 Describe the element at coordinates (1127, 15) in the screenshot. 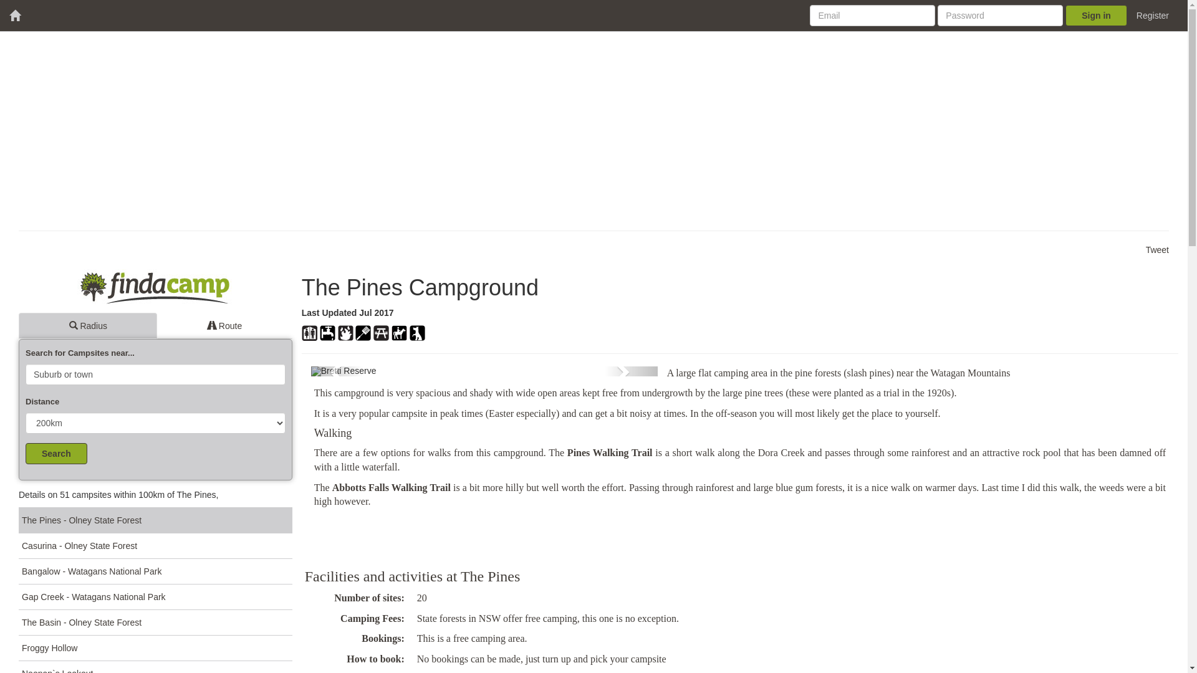

I see `'Register'` at that location.